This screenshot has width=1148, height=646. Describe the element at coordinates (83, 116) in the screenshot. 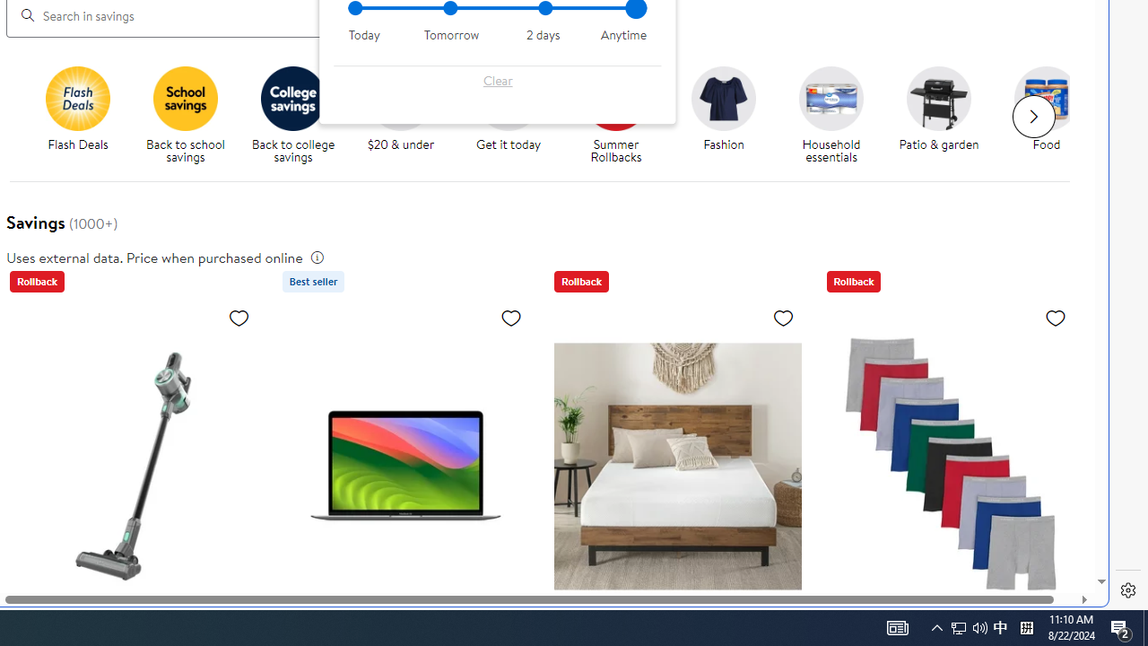

I see `'Flash Deals'` at that location.